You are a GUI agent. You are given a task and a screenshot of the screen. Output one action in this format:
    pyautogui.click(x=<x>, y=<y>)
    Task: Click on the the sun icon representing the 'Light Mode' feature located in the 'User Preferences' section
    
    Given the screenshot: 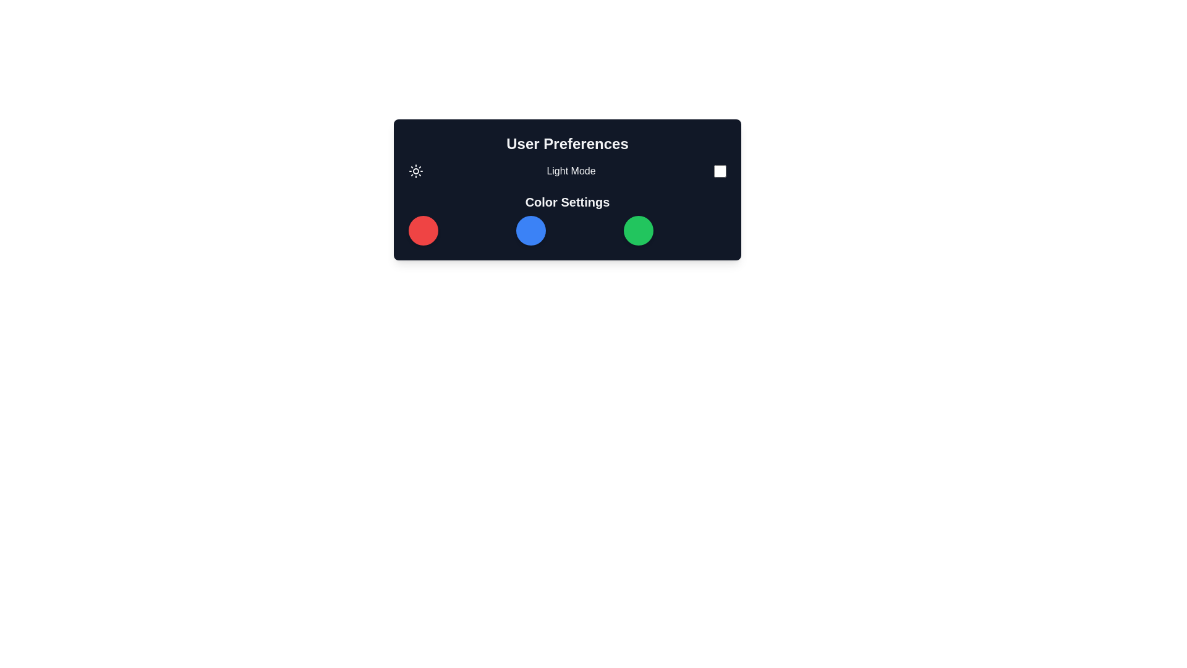 What is the action you would take?
    pyautogui.click(x=415, y=171)
    